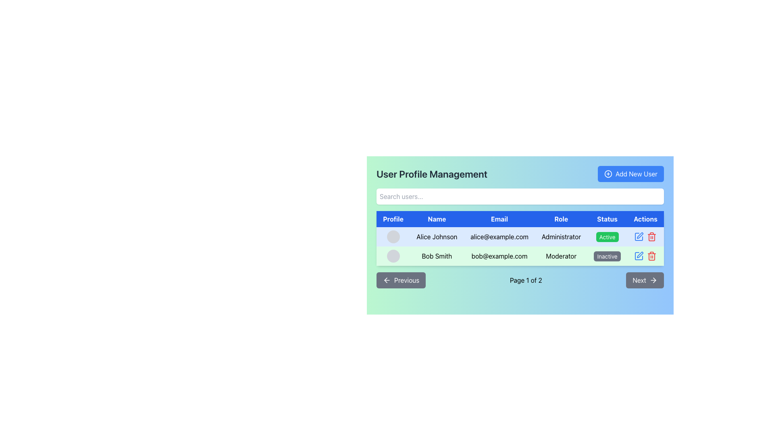 The height and width of the screenshot is (435, 774). I want to click on the compact blue pen icon button in the 'Actions' column of the second row in the user management table to initiate editing, so click(639, 256).